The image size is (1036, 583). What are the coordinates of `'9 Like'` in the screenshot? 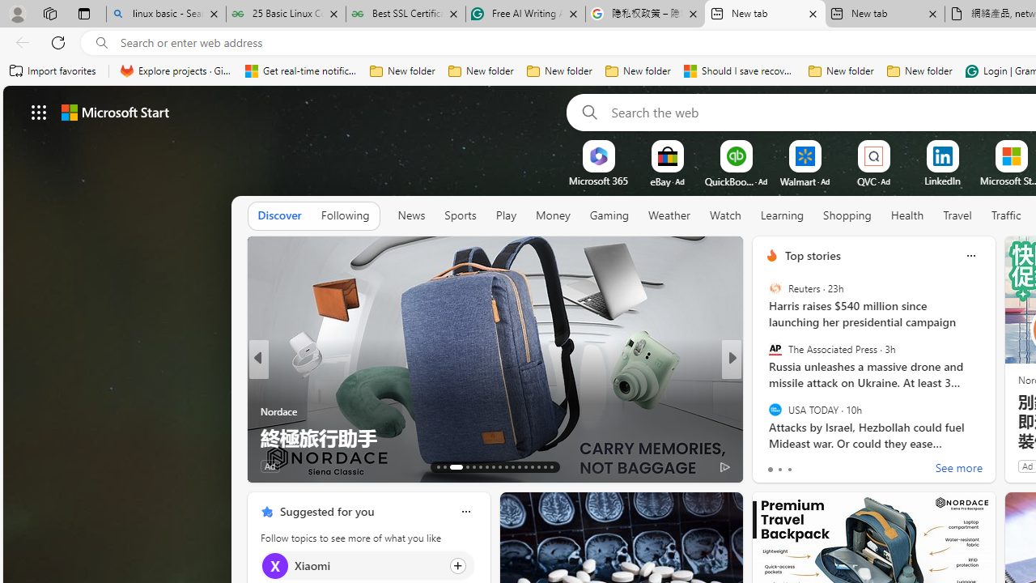 It's located at (770, 466).